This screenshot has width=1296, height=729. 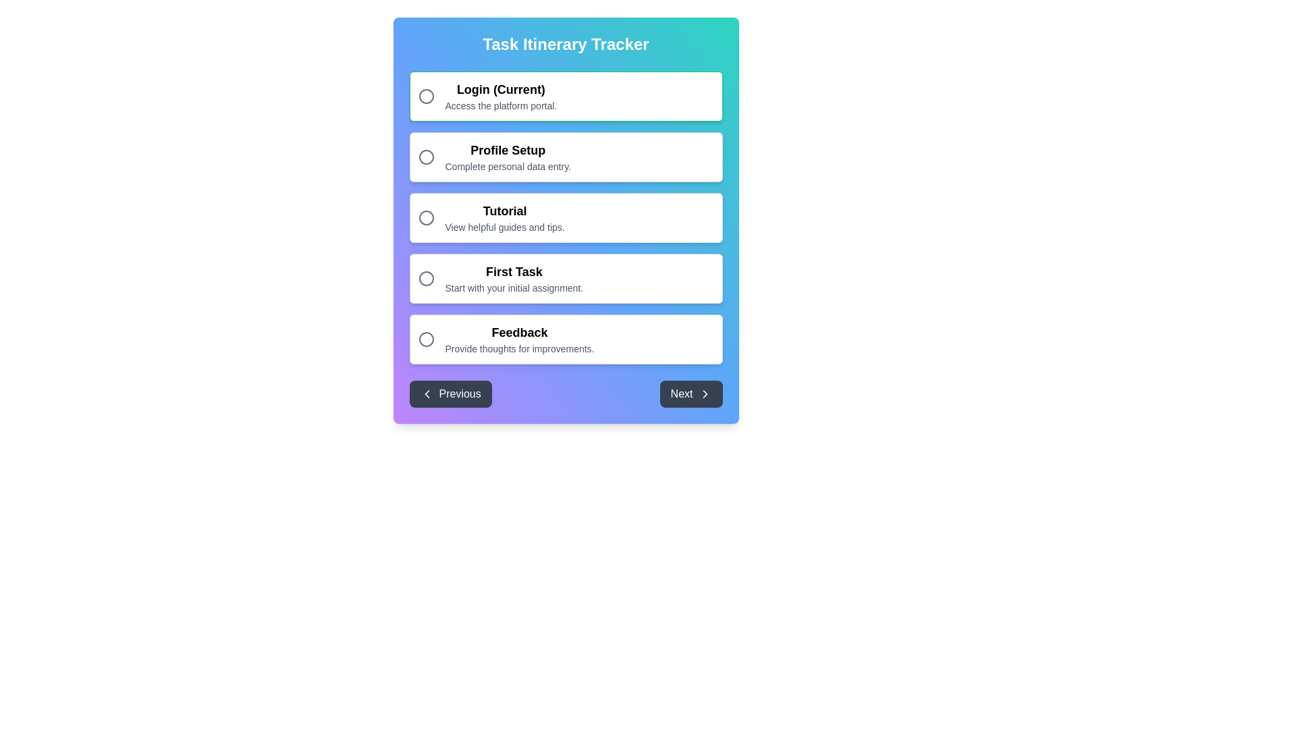 What do you see at coordinates (504, 211) in the screenshot?
I see `text label indicating the title 'Tutorial' located at the top of the third menu item in the vertical list labeled 'Task Itinerary Tracker'` at bounding box center [504, 211].